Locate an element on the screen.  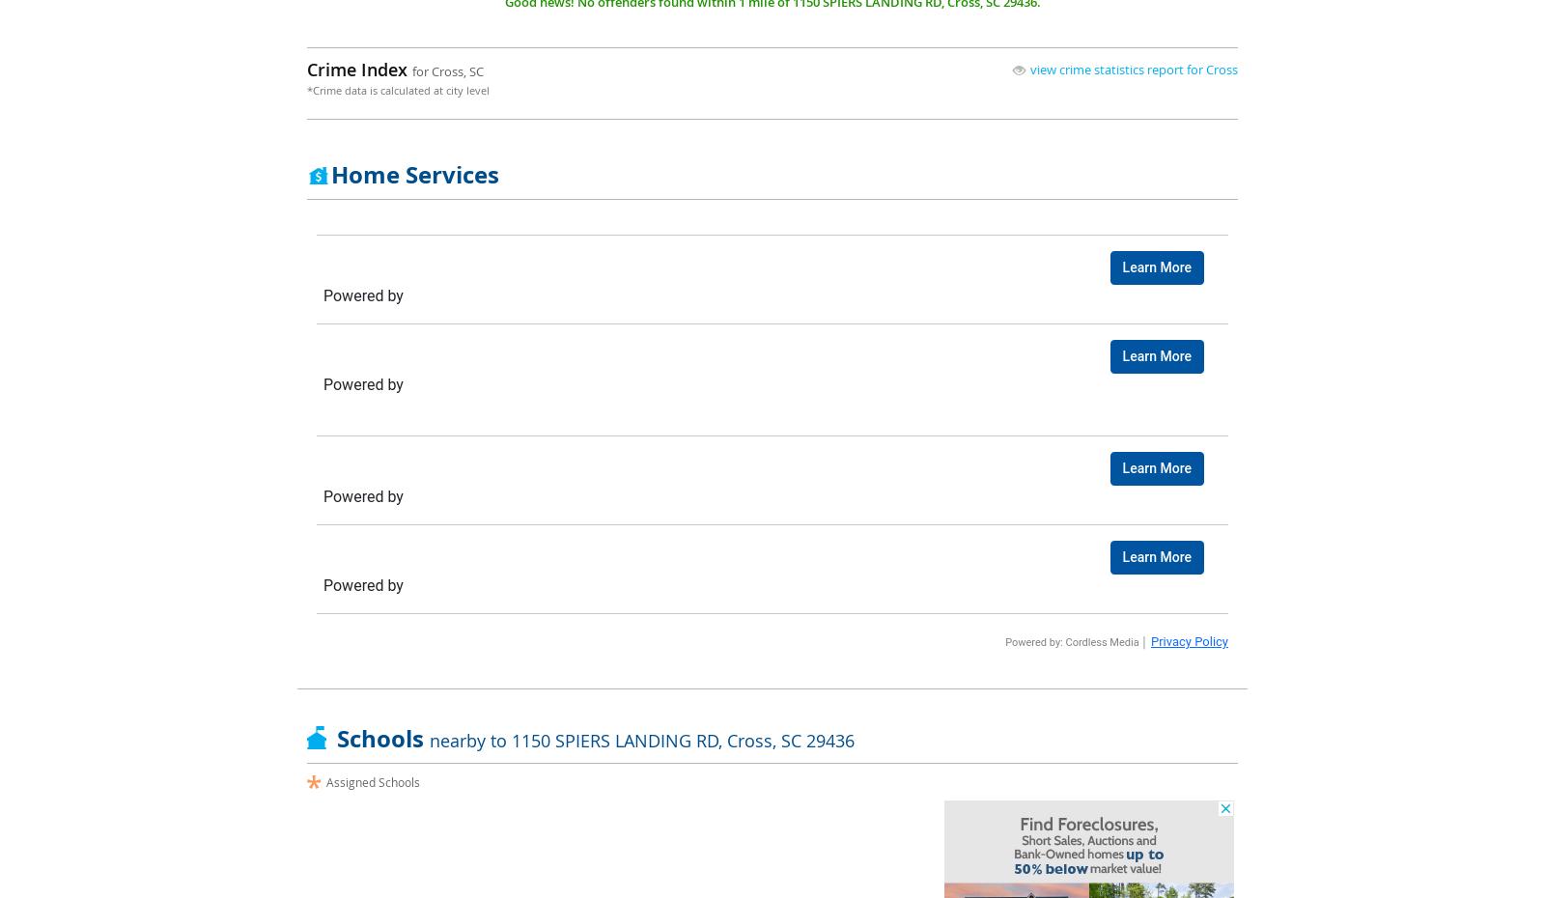
'for Cross, SC' is located at coordinates (446, 70).